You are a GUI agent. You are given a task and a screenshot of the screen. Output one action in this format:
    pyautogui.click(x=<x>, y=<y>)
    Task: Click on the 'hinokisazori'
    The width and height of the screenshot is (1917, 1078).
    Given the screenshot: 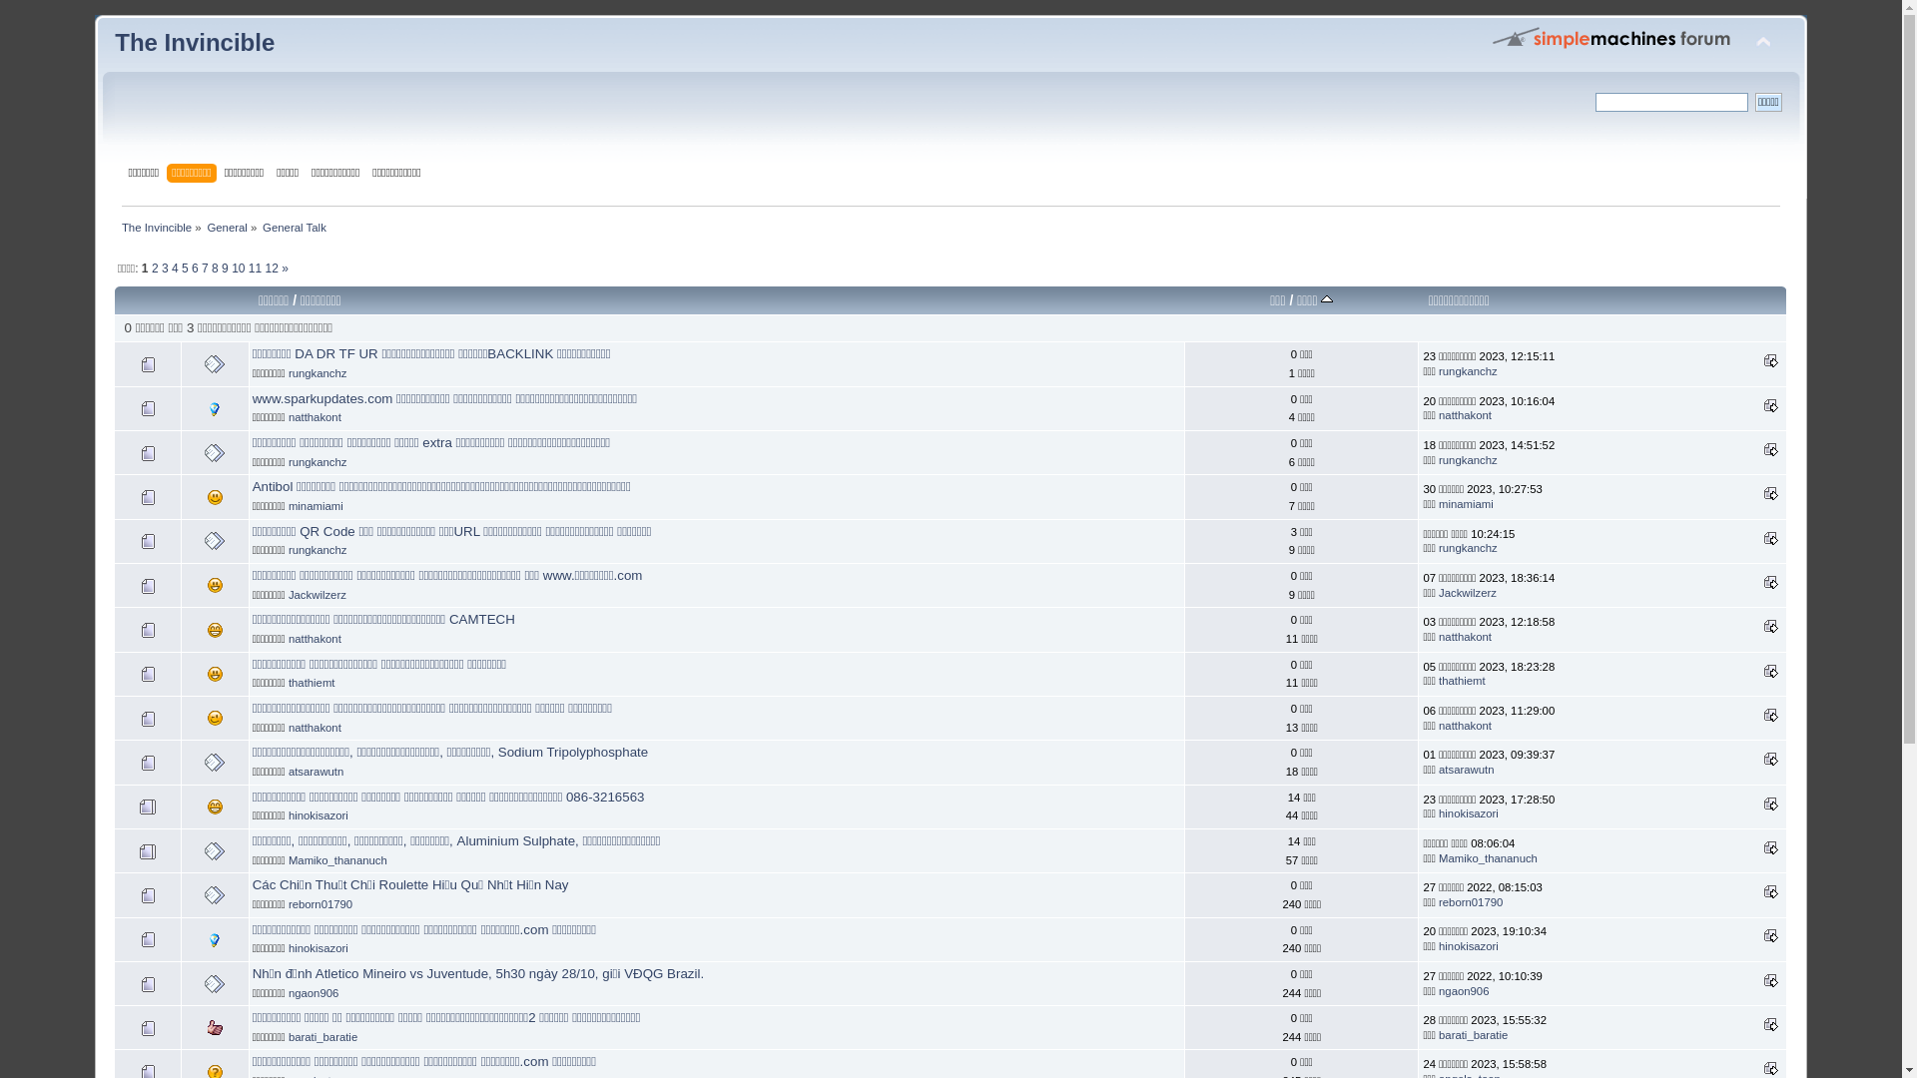 What is the action you would take?
    pyautogui.click(x=1468, y=945)
    